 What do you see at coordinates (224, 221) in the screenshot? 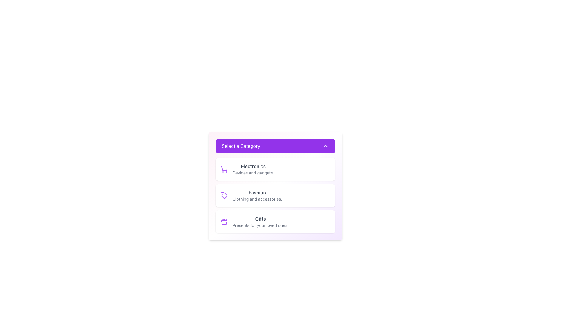
I see `the decorative ribbon-like feature of the 'gift' icon located next to the 'Gifts' text in the list` at bounding box center [224, 221].